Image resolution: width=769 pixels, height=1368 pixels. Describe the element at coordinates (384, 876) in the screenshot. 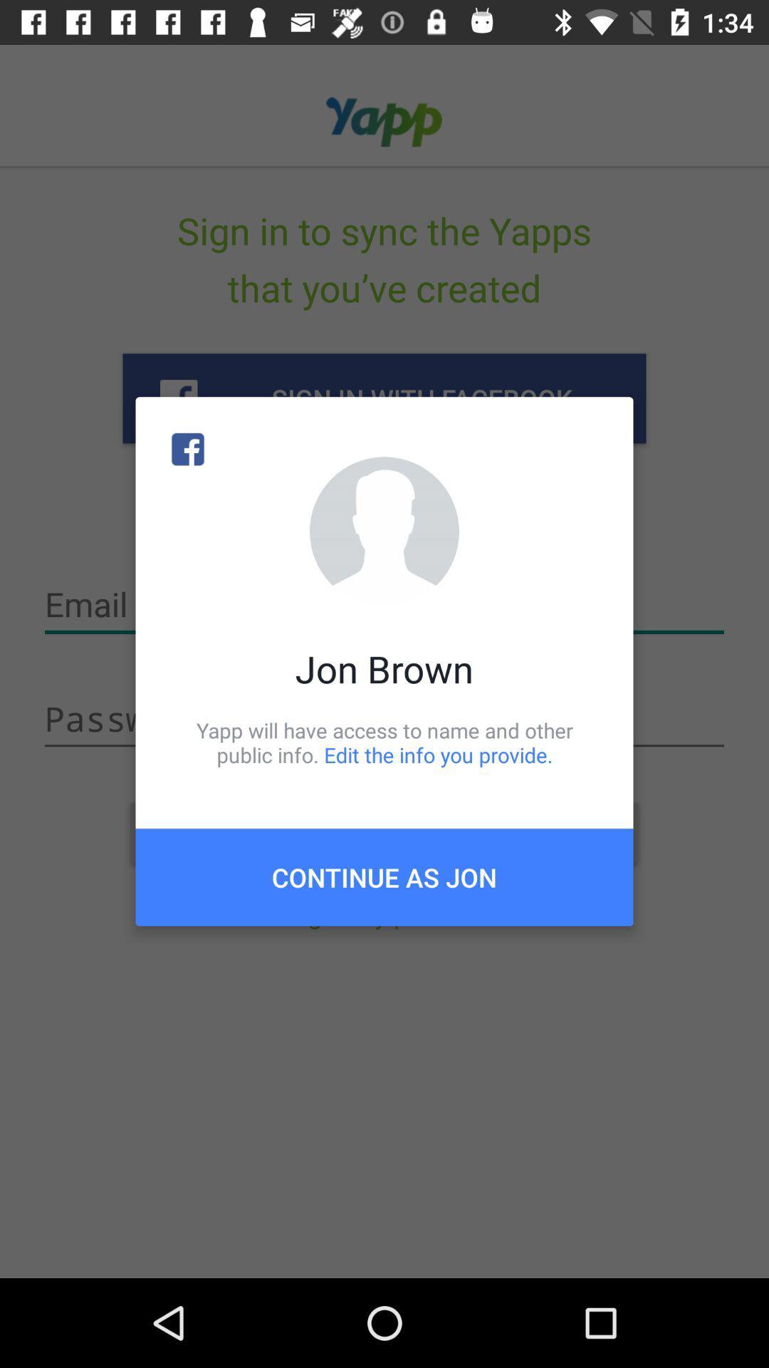

I see `the continue as jon` at that location.